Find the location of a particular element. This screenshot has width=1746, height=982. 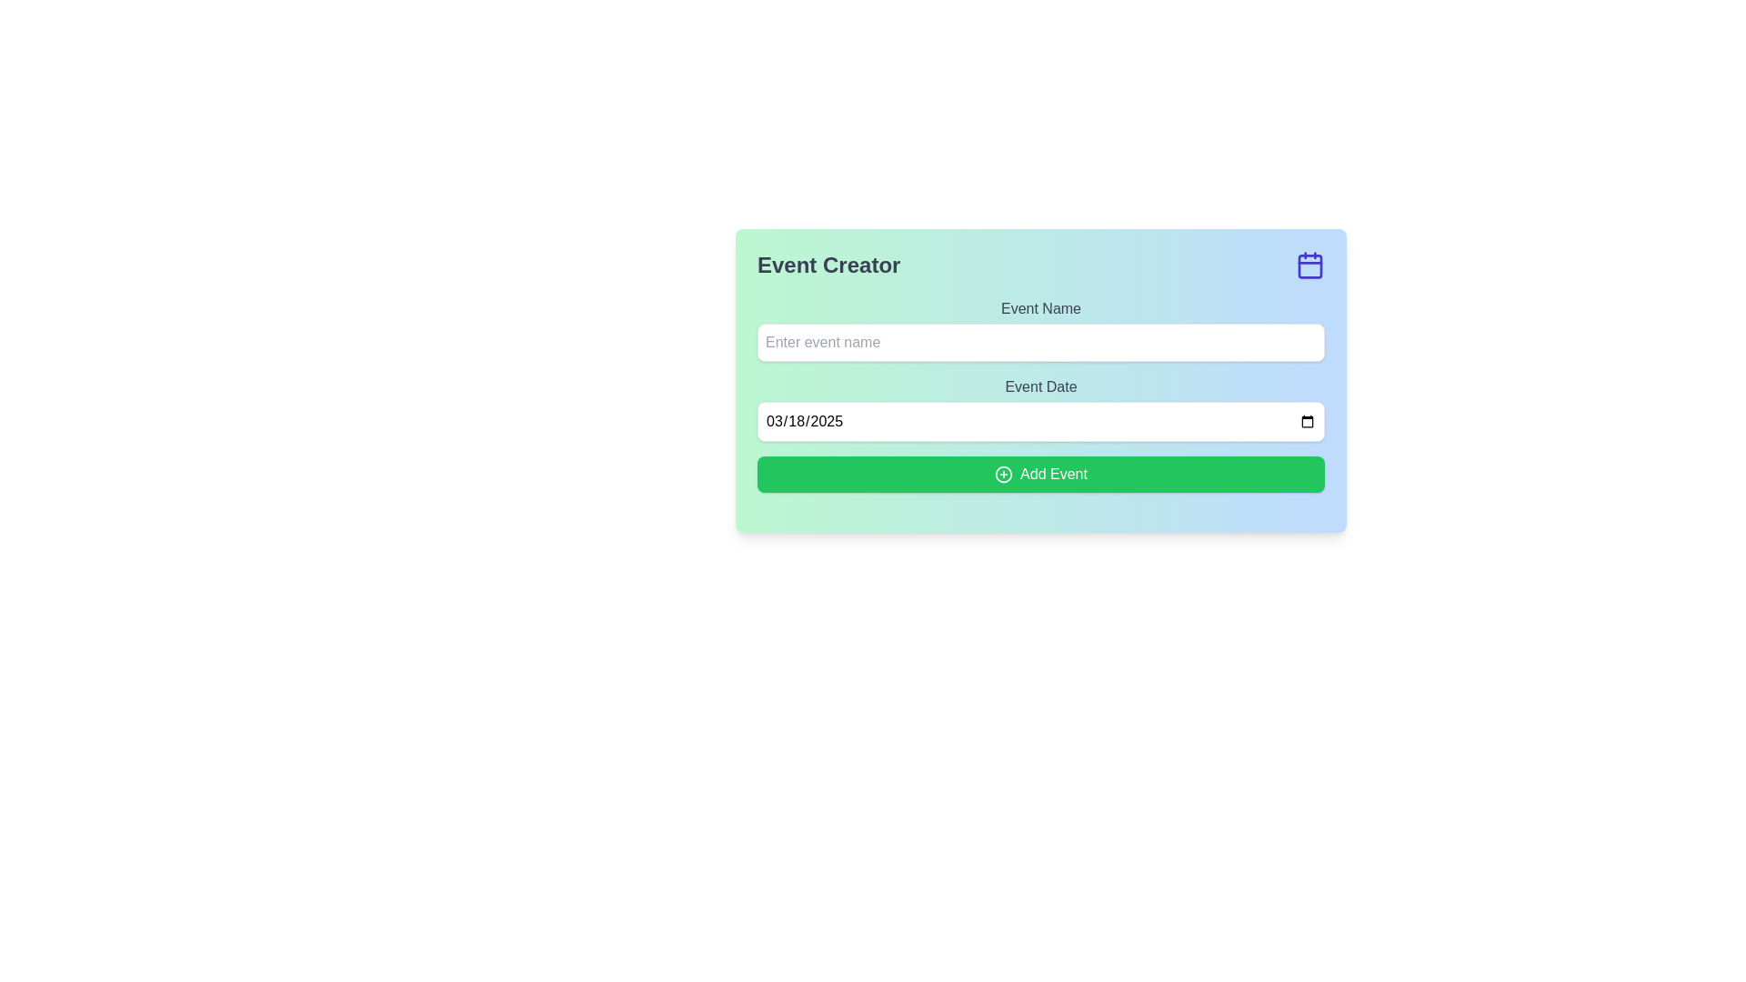

the calendar SVG icon located in the top-right corner of the 'Event Creator' section, which is indigo with a rounded design is located at coordinates (1309, 266).